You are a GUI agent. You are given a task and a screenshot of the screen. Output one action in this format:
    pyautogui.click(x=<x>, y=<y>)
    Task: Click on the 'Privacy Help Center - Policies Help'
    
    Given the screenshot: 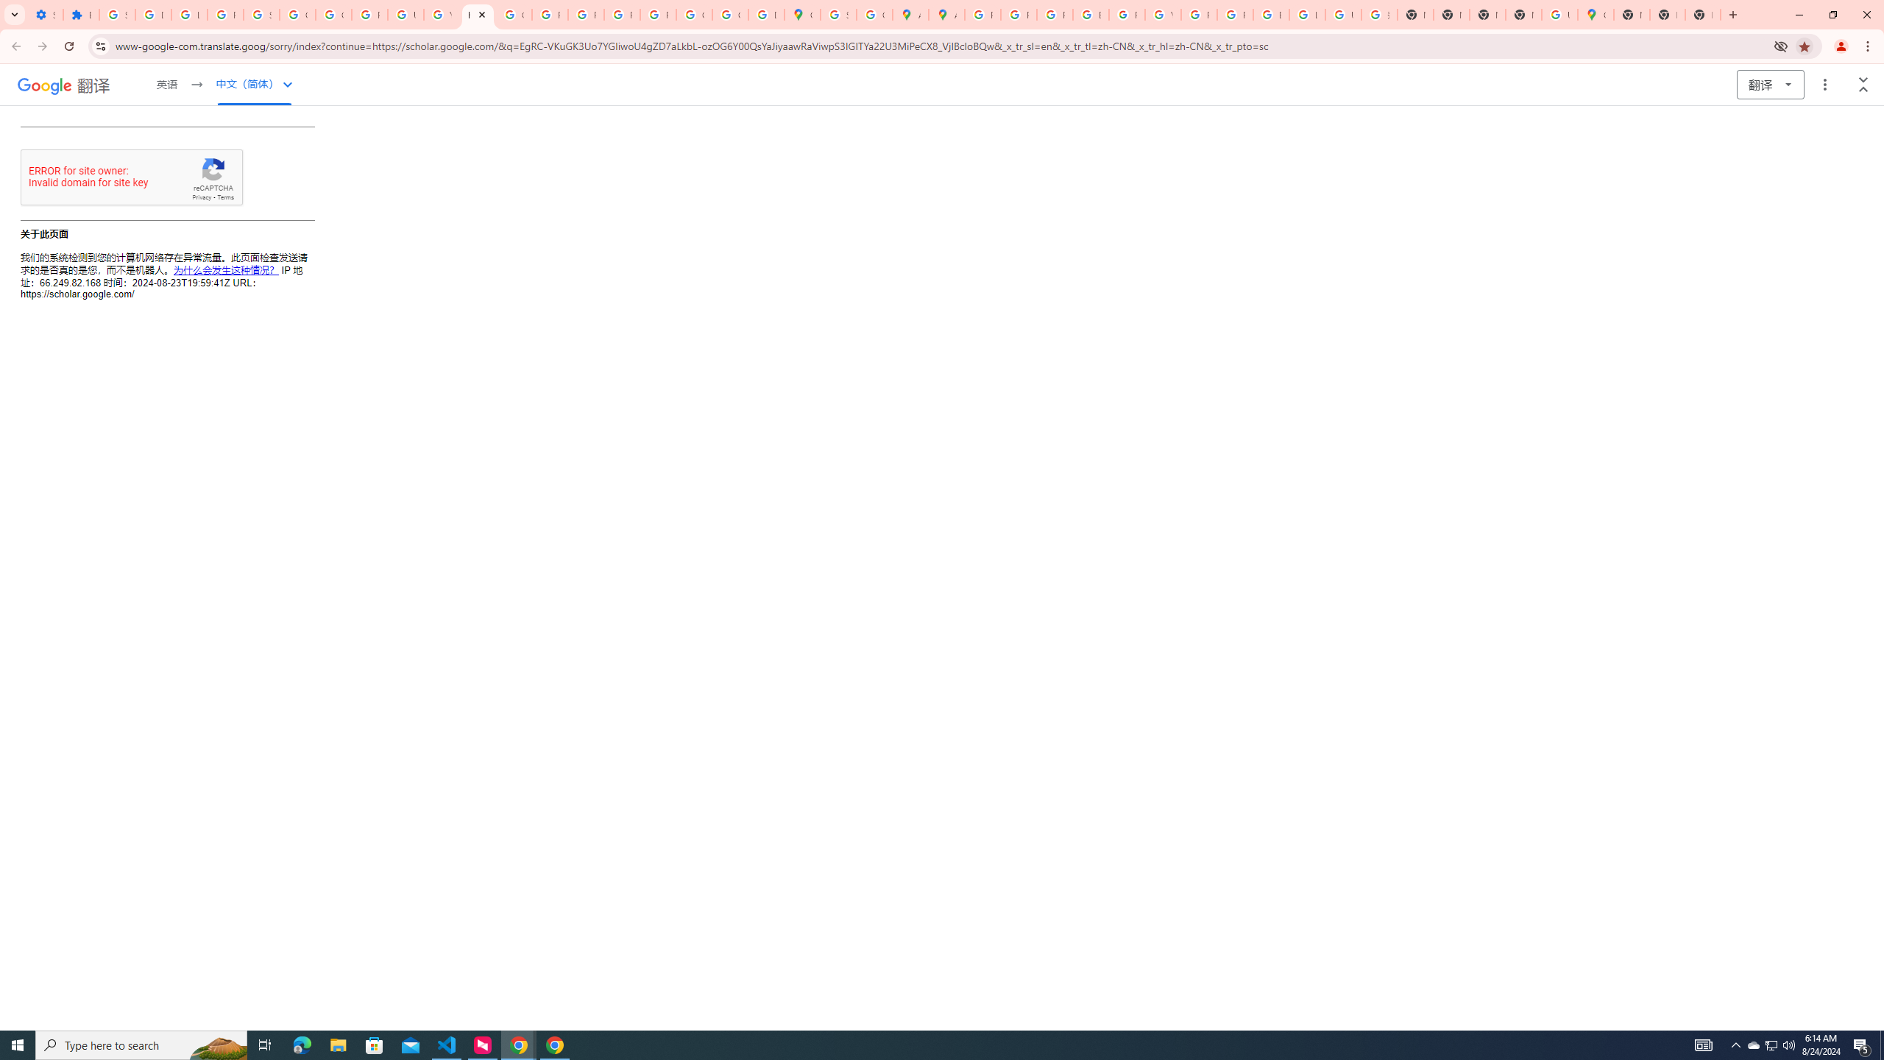 What is the action you would take?
    pyautogui.click(x=549, y=14)
    